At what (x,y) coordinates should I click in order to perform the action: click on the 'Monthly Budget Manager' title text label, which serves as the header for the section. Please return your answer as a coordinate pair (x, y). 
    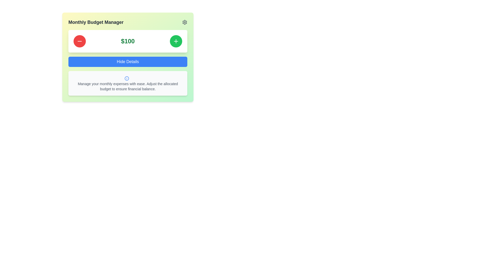
    Looking at the image, I should click on (96, 22).